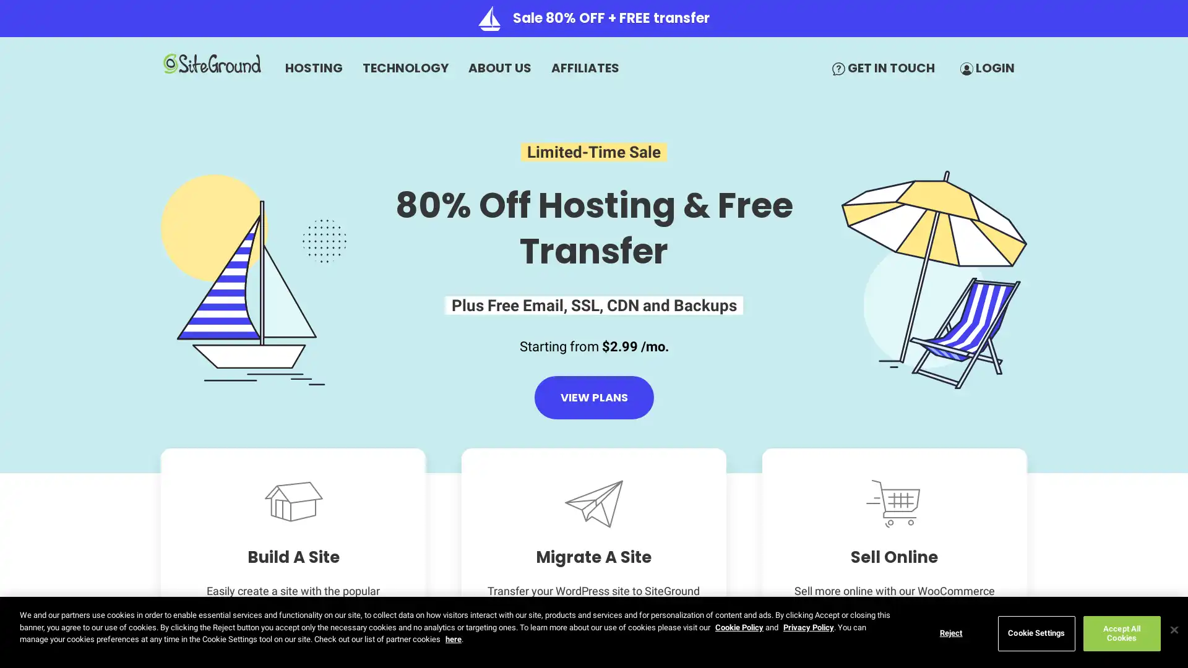  I want to click on Accept All Cookies, so click(1121, 633).